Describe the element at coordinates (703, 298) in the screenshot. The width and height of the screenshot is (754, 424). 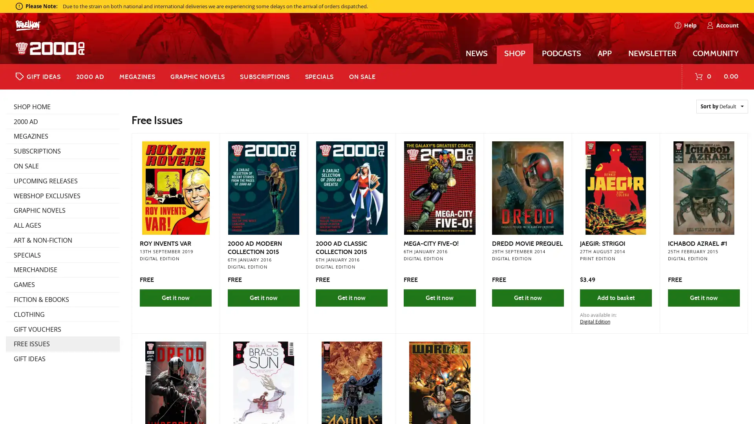
I see `Get it now` at that location.